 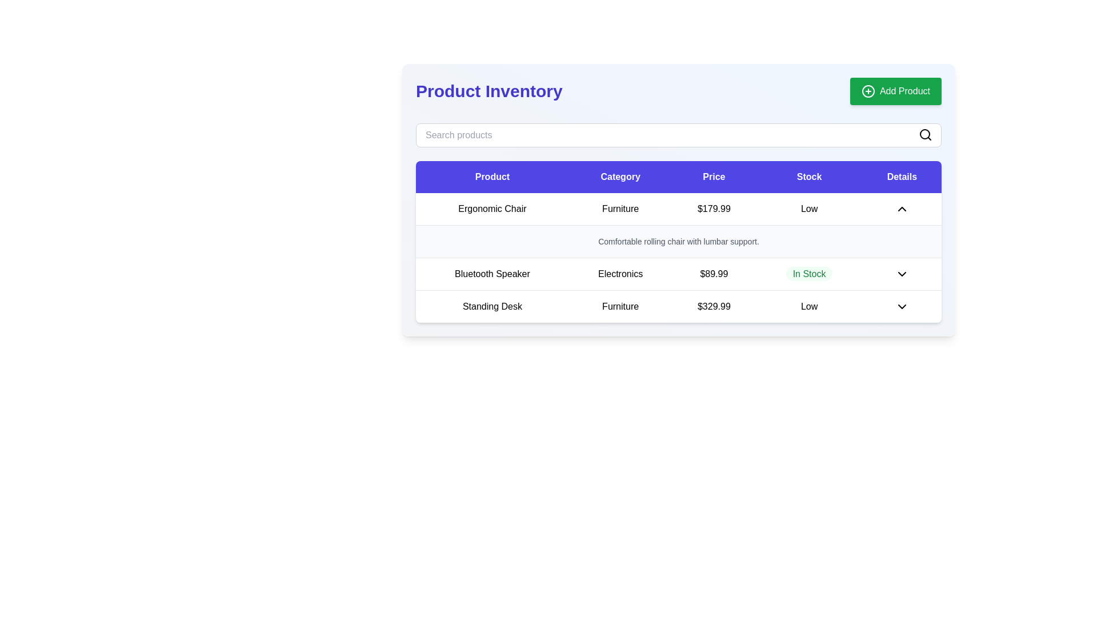 What do you see at coordinates (489, 90) in the screenshot?
I see `the prominent static text label displaying 'Product Inventory' at the top left section of the interface to focus on it` at bounding box center [489, 90].